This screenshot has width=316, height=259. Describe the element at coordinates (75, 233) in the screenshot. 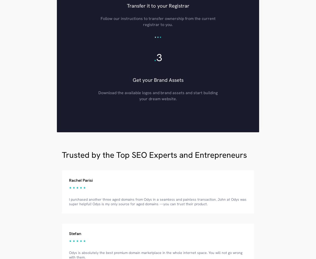

I see `'Stefan'` at that location.